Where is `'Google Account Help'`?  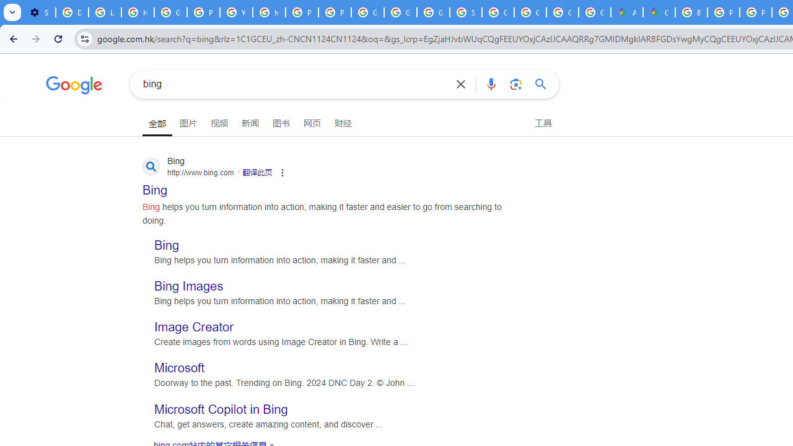
'Google Account Help' is located at coordinates (170, 12).